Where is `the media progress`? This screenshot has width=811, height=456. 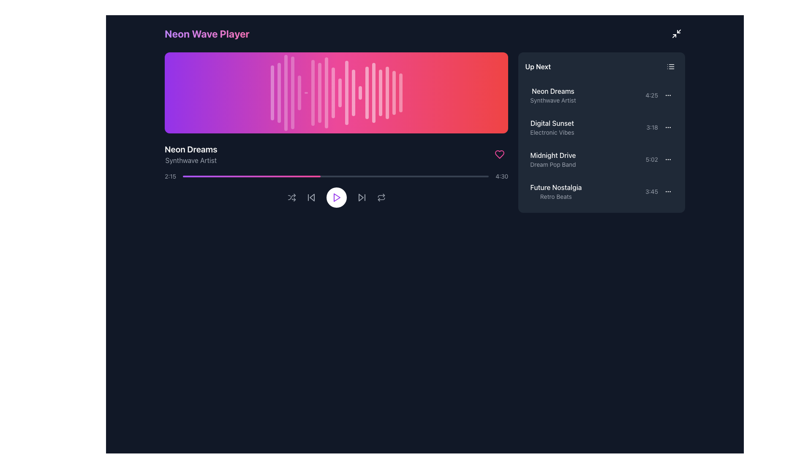
the media progress is located at coordinates (357, 176).